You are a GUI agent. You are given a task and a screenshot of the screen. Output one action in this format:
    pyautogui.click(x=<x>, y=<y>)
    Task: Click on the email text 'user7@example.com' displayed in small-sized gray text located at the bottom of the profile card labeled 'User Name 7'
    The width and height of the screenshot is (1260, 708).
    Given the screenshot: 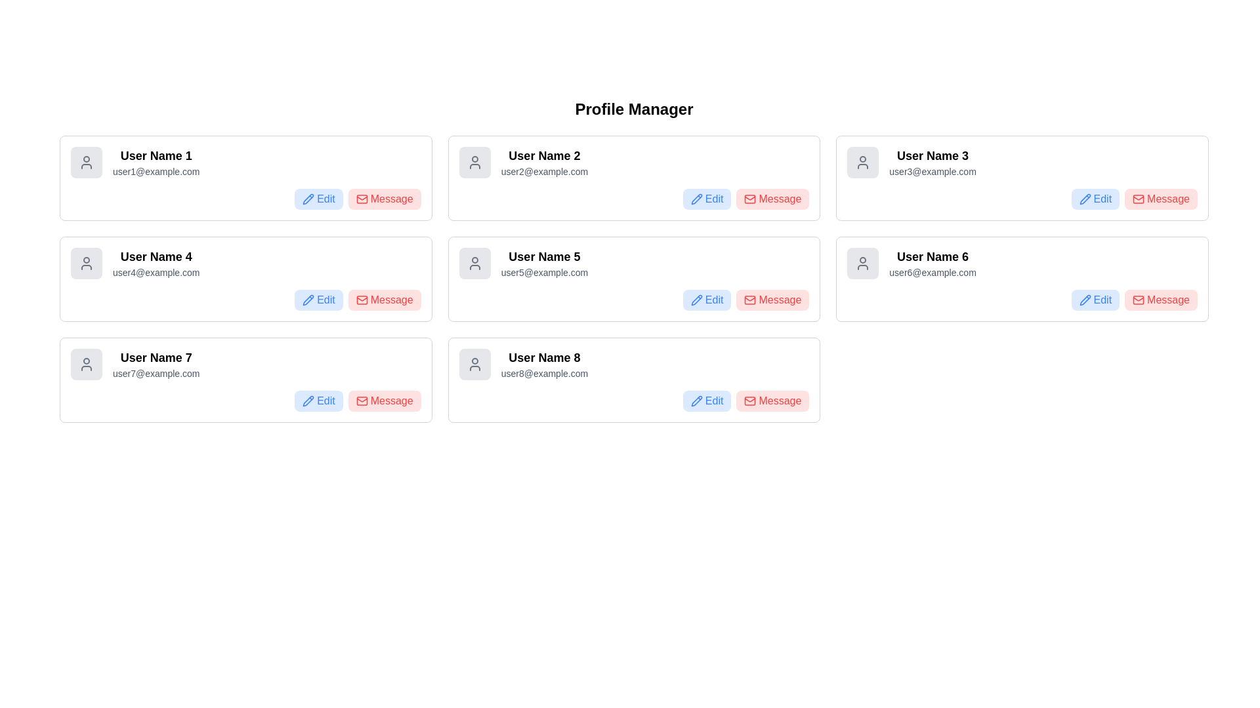 What is the action you would take?
    pyautogui.click(x=156, y=374)
    